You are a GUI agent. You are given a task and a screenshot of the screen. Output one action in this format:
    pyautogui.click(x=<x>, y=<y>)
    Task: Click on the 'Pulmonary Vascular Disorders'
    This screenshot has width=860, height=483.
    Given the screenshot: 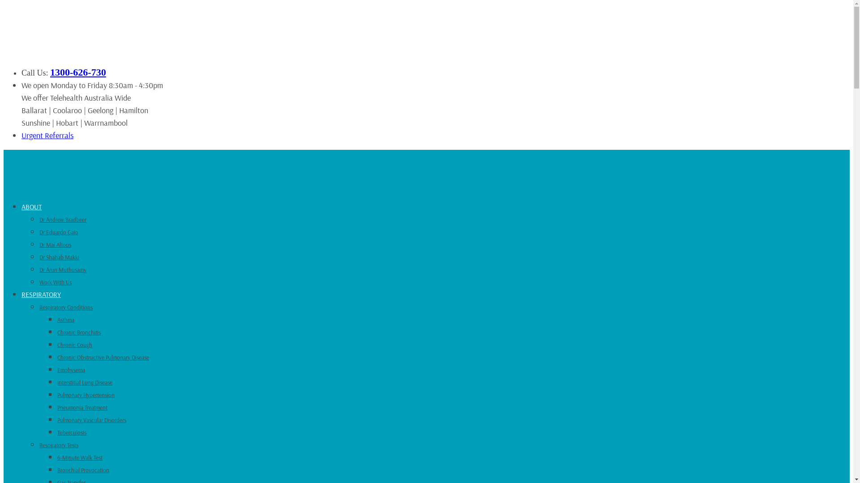 What is the action you would take?
    pyautogui.click(x=92, y=419)
    